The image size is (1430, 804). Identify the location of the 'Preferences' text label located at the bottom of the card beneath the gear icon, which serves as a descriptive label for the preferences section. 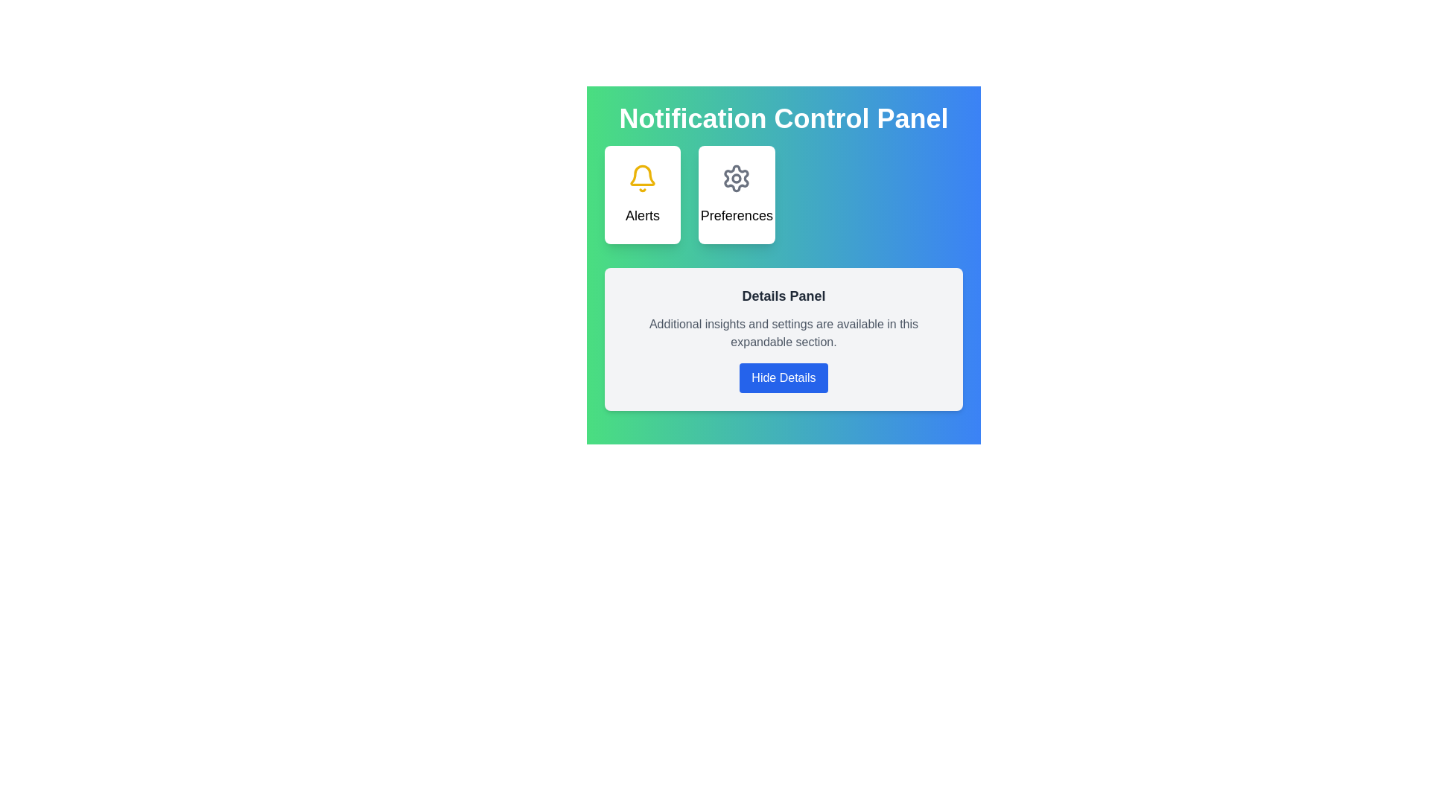
(737, 215).